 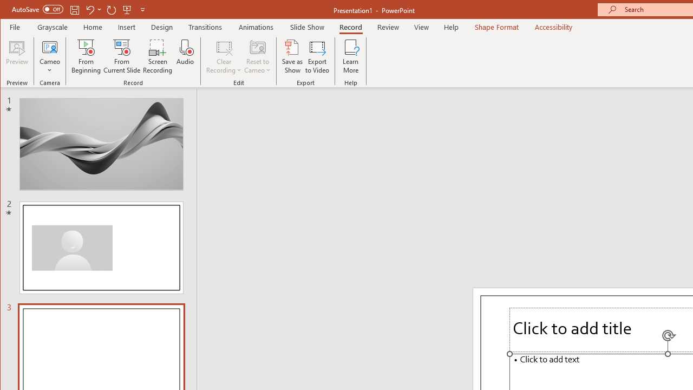 What do you see at coordinates (292, 56) in the screenshot?
I see `'Save as Show'` at bounding box center [292, 56].